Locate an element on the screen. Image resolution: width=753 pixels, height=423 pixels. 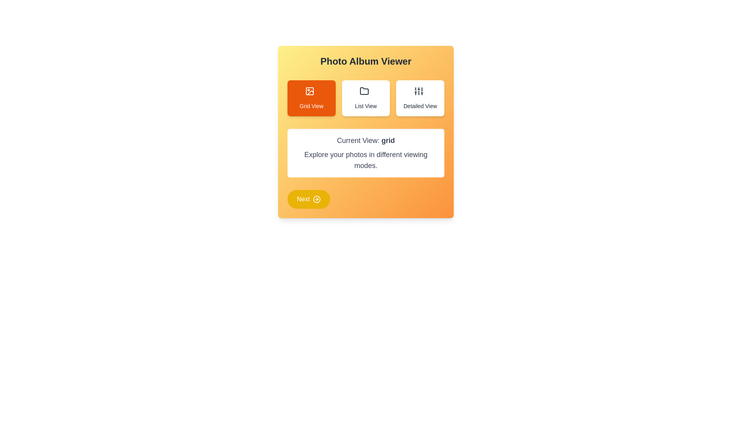
the 'List View' button is located at coordinates (365, 98).